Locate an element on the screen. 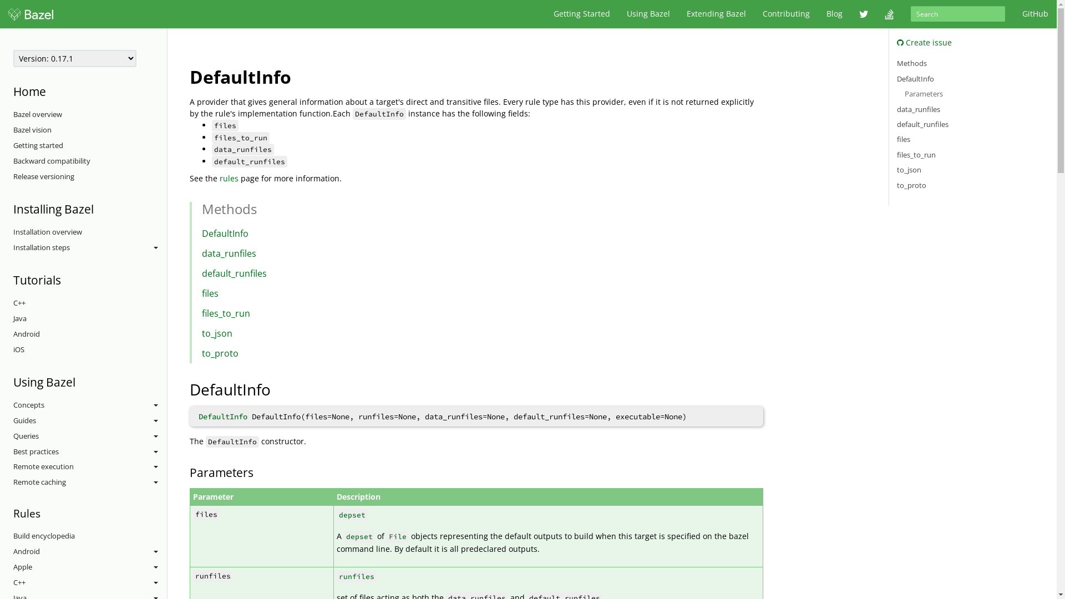 This screenshot has height=599, width=1065. 'Getting started' is located at coordinates (90, 145).